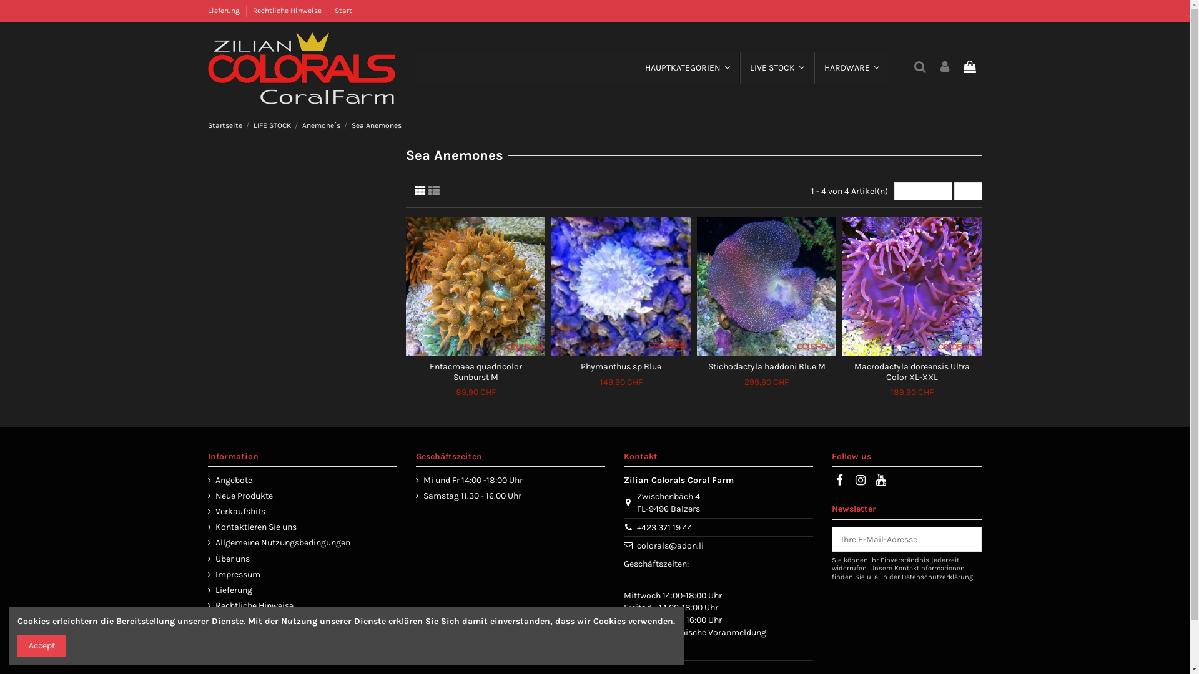 The height and width of the screenshot is (674, 1199). What do you see at coordinates (468, 480) in the screenshot?
I see `'Mi und Fr 14:00 -18:00 Uhr'` at bounding box center [468, 480].